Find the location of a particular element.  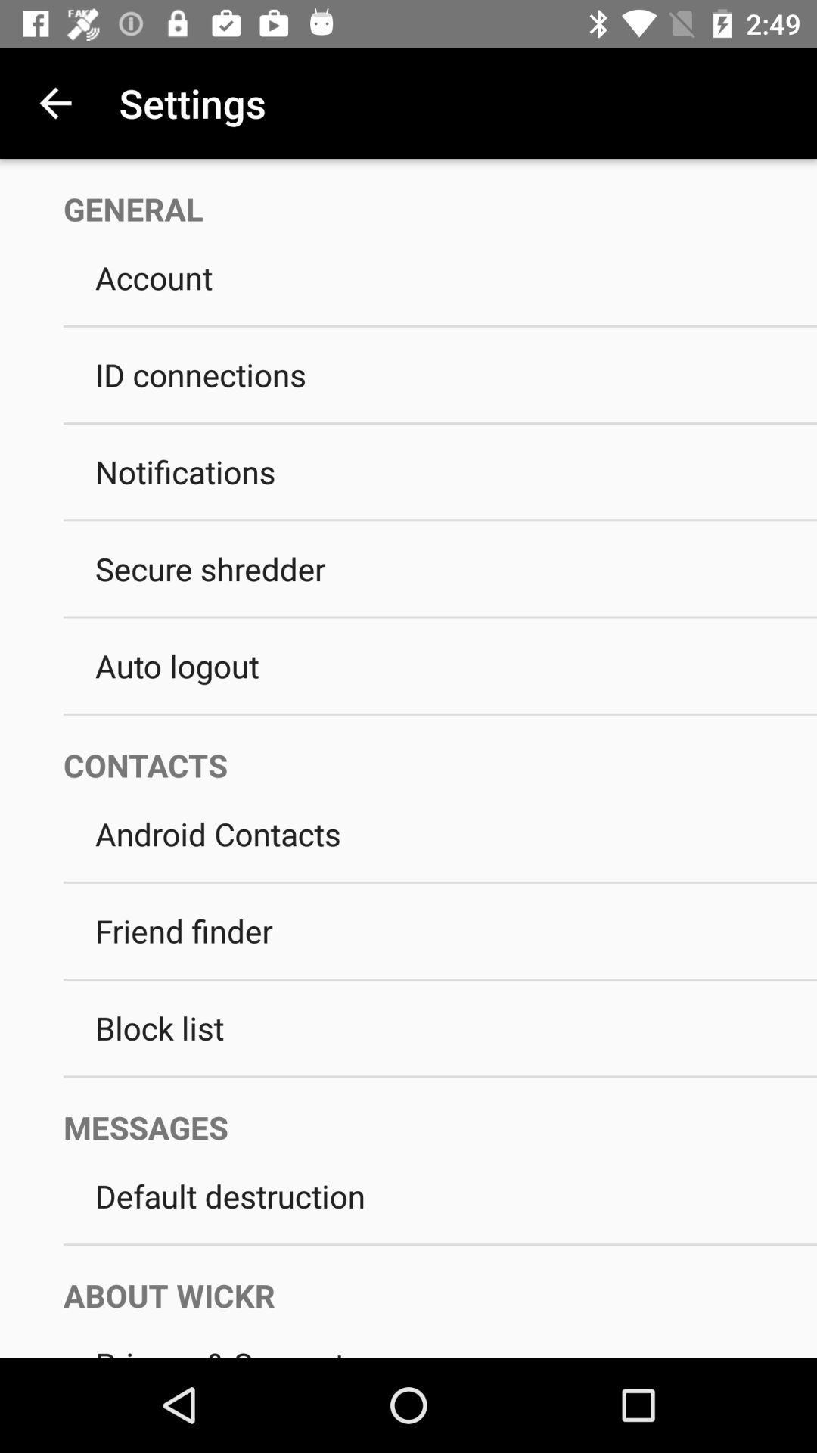

the icon below auto logout is located at coordinates (440, 714).